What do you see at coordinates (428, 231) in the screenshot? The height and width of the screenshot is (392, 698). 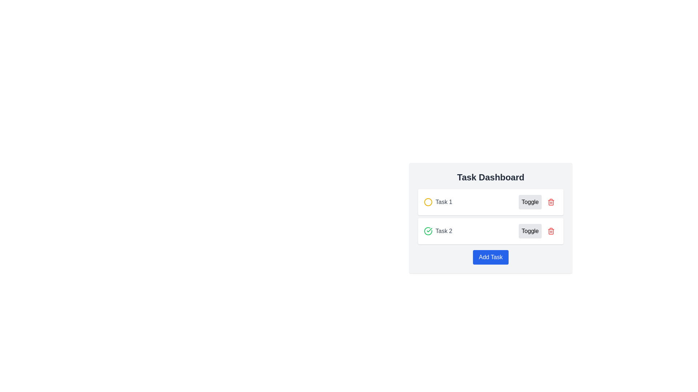 I see `the vector graphic component that visually represents the successful completion of 'Task 2' in the task list, located adjacent to the task labeled 'Task 2'` at bounding box center [428, 231].